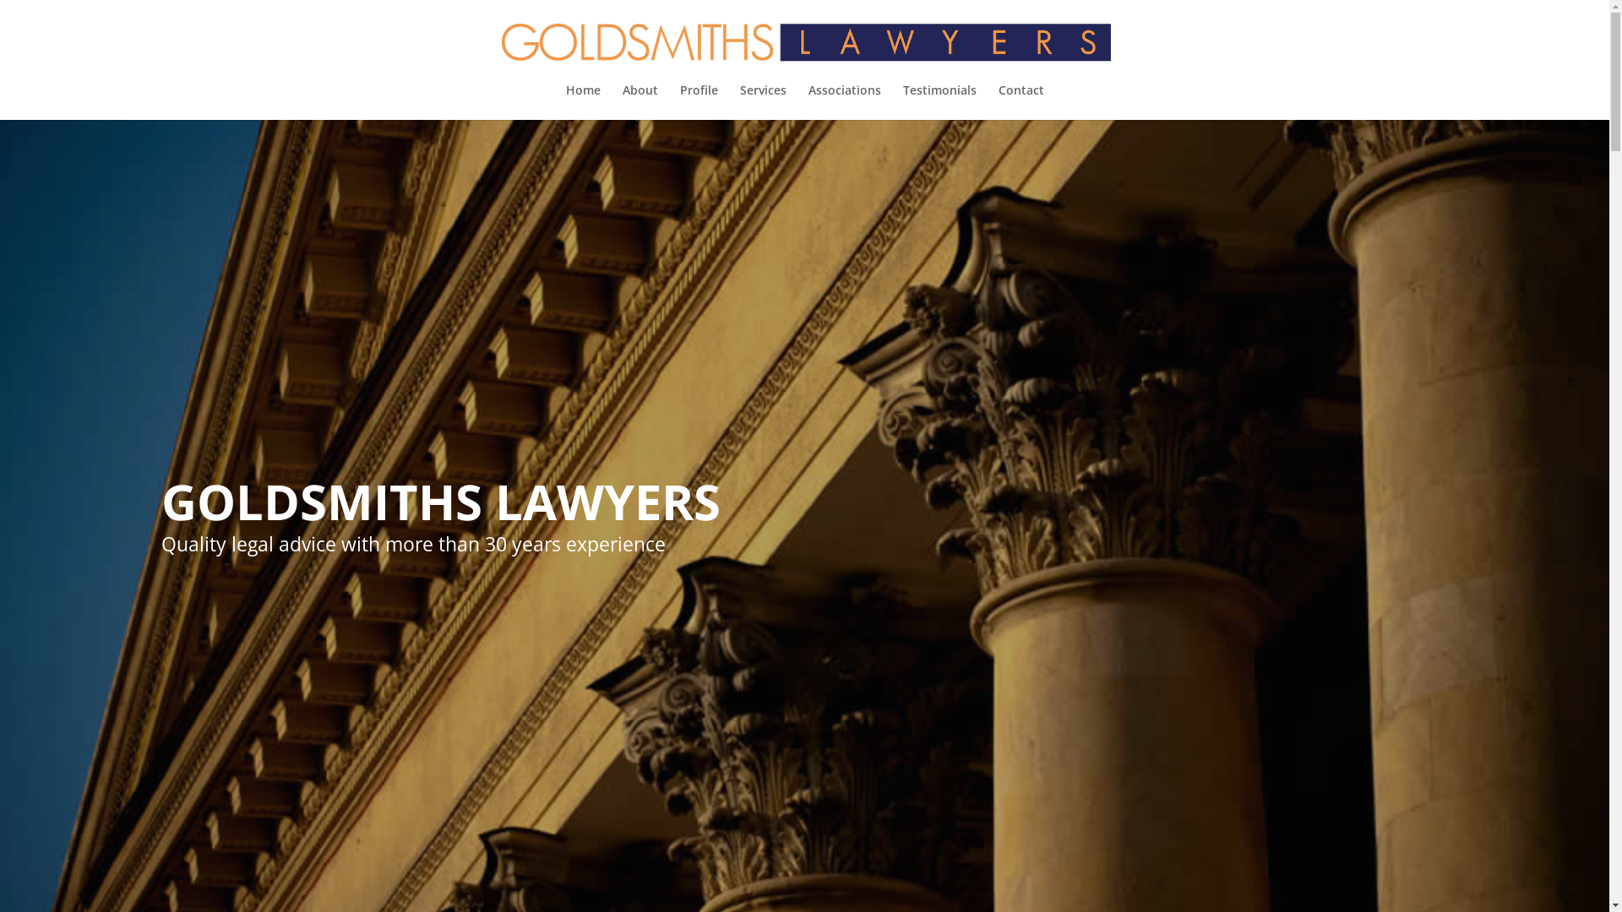 The image size is (1622, 912). Describe the element at coordinates (583, 101) in the screenshot. I see `'Home'` at that location.